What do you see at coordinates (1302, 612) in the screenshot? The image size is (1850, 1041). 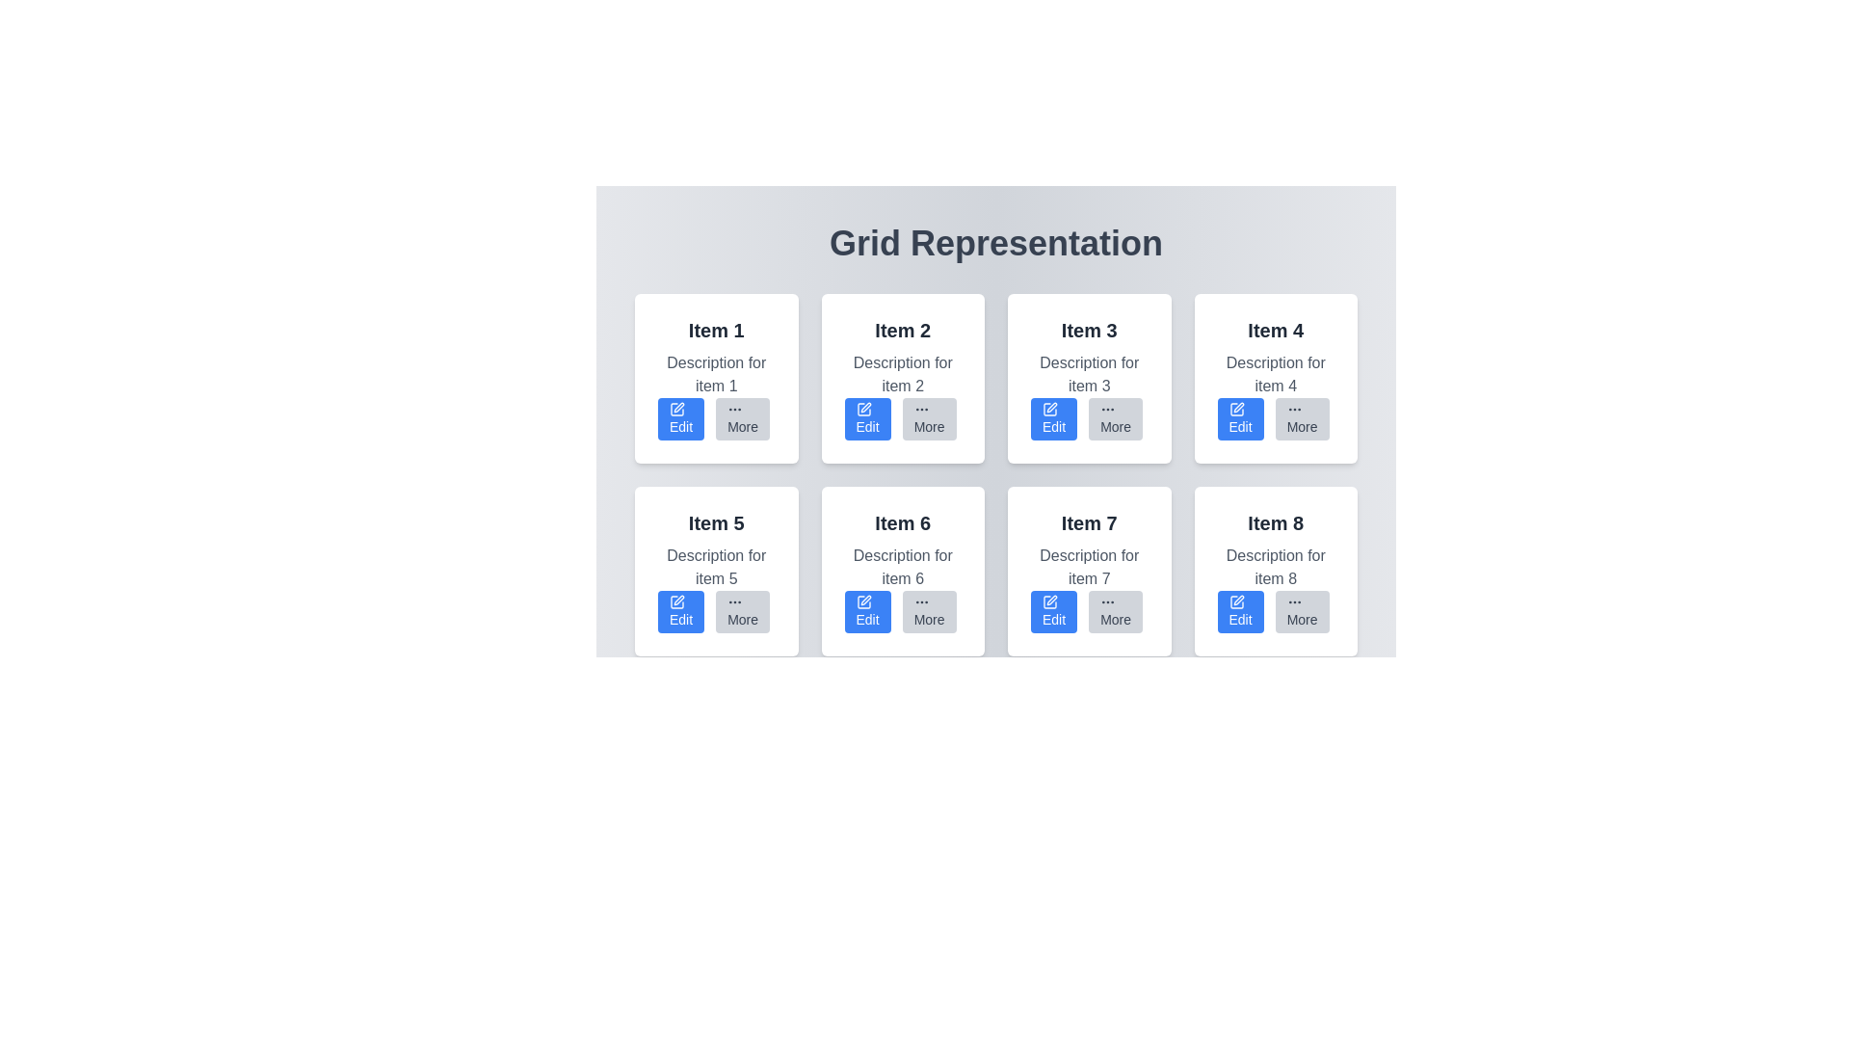 I see `the gray button labeled 'More' with three vertically aligned dots above the text` at bounding box center [1302, 612].